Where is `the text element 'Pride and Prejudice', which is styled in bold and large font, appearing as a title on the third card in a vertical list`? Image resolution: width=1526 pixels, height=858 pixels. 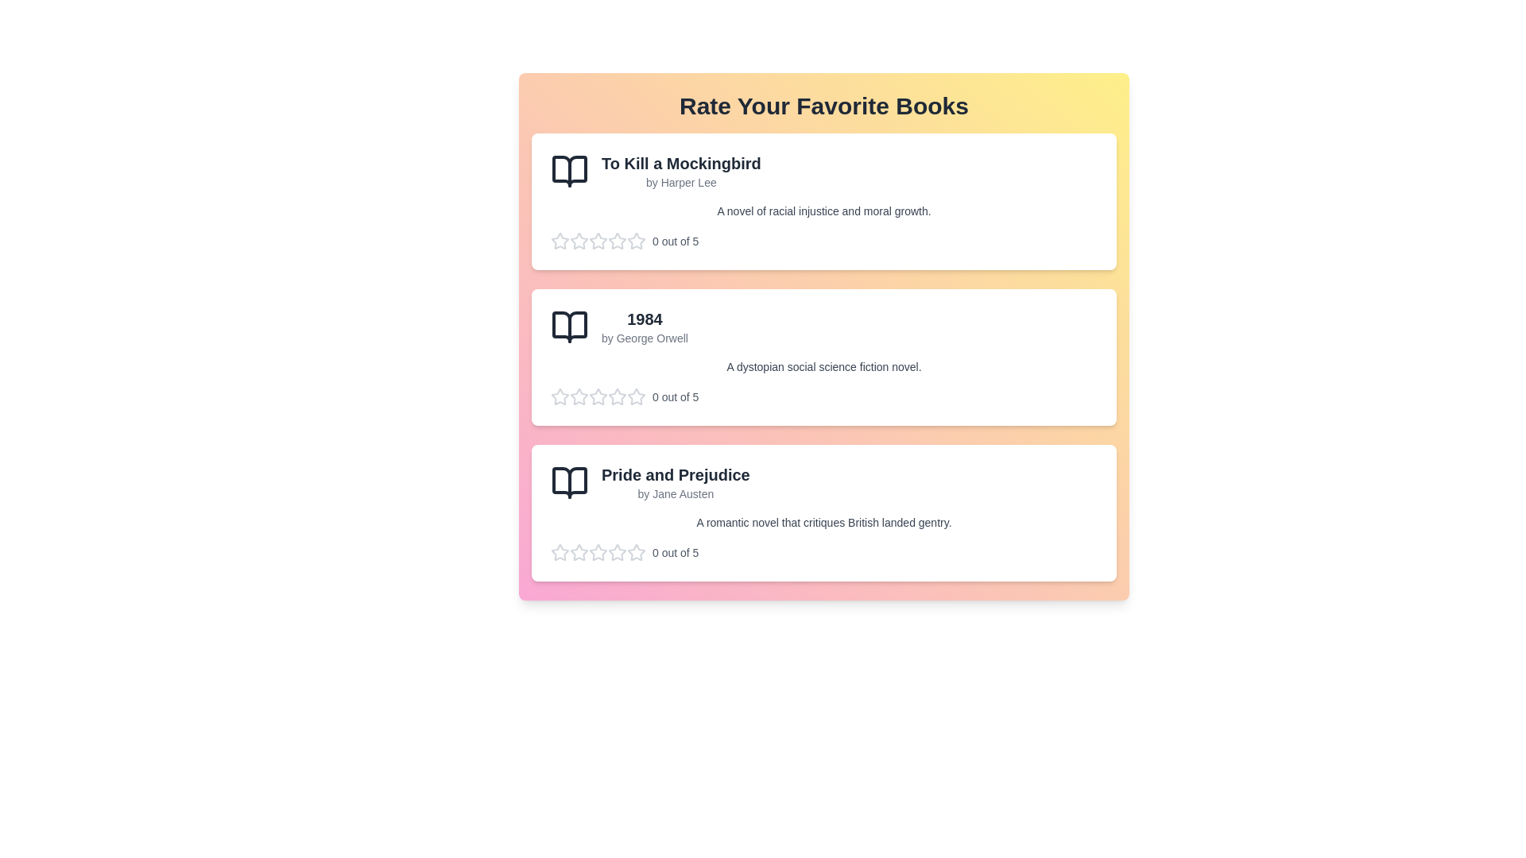 the text element 'Pride and Prejudice', which is styled in bold and large font, appearing as a title on the third card in a vertical list is located at coordinates (676, 473).